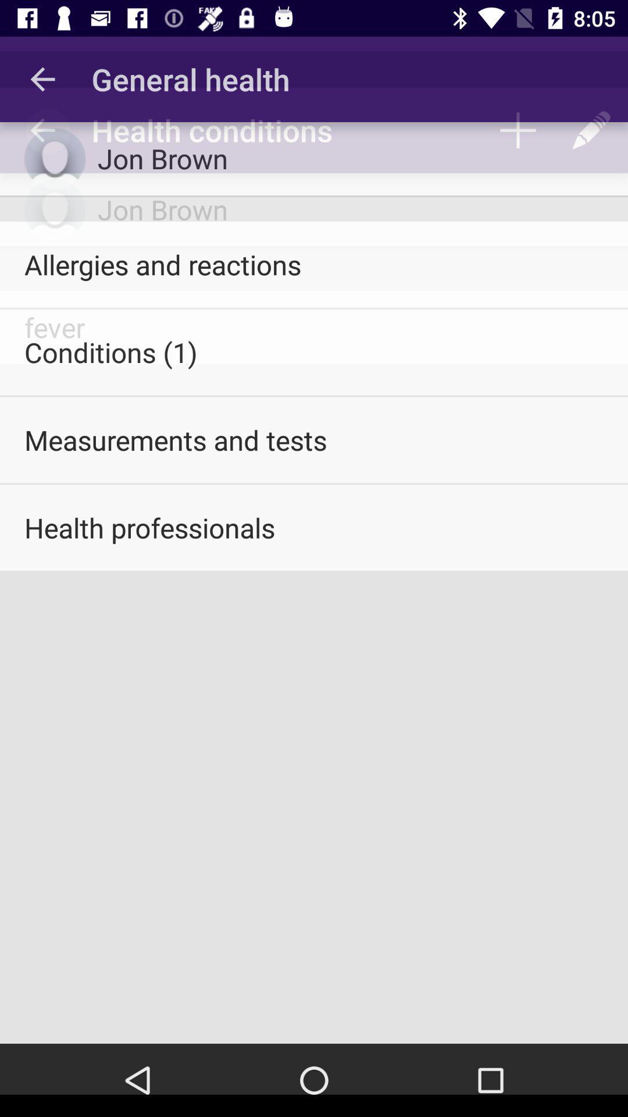  Describe the element at coordinates (314, 527) in the screenshot. I see `the health professionals  item` at that location.